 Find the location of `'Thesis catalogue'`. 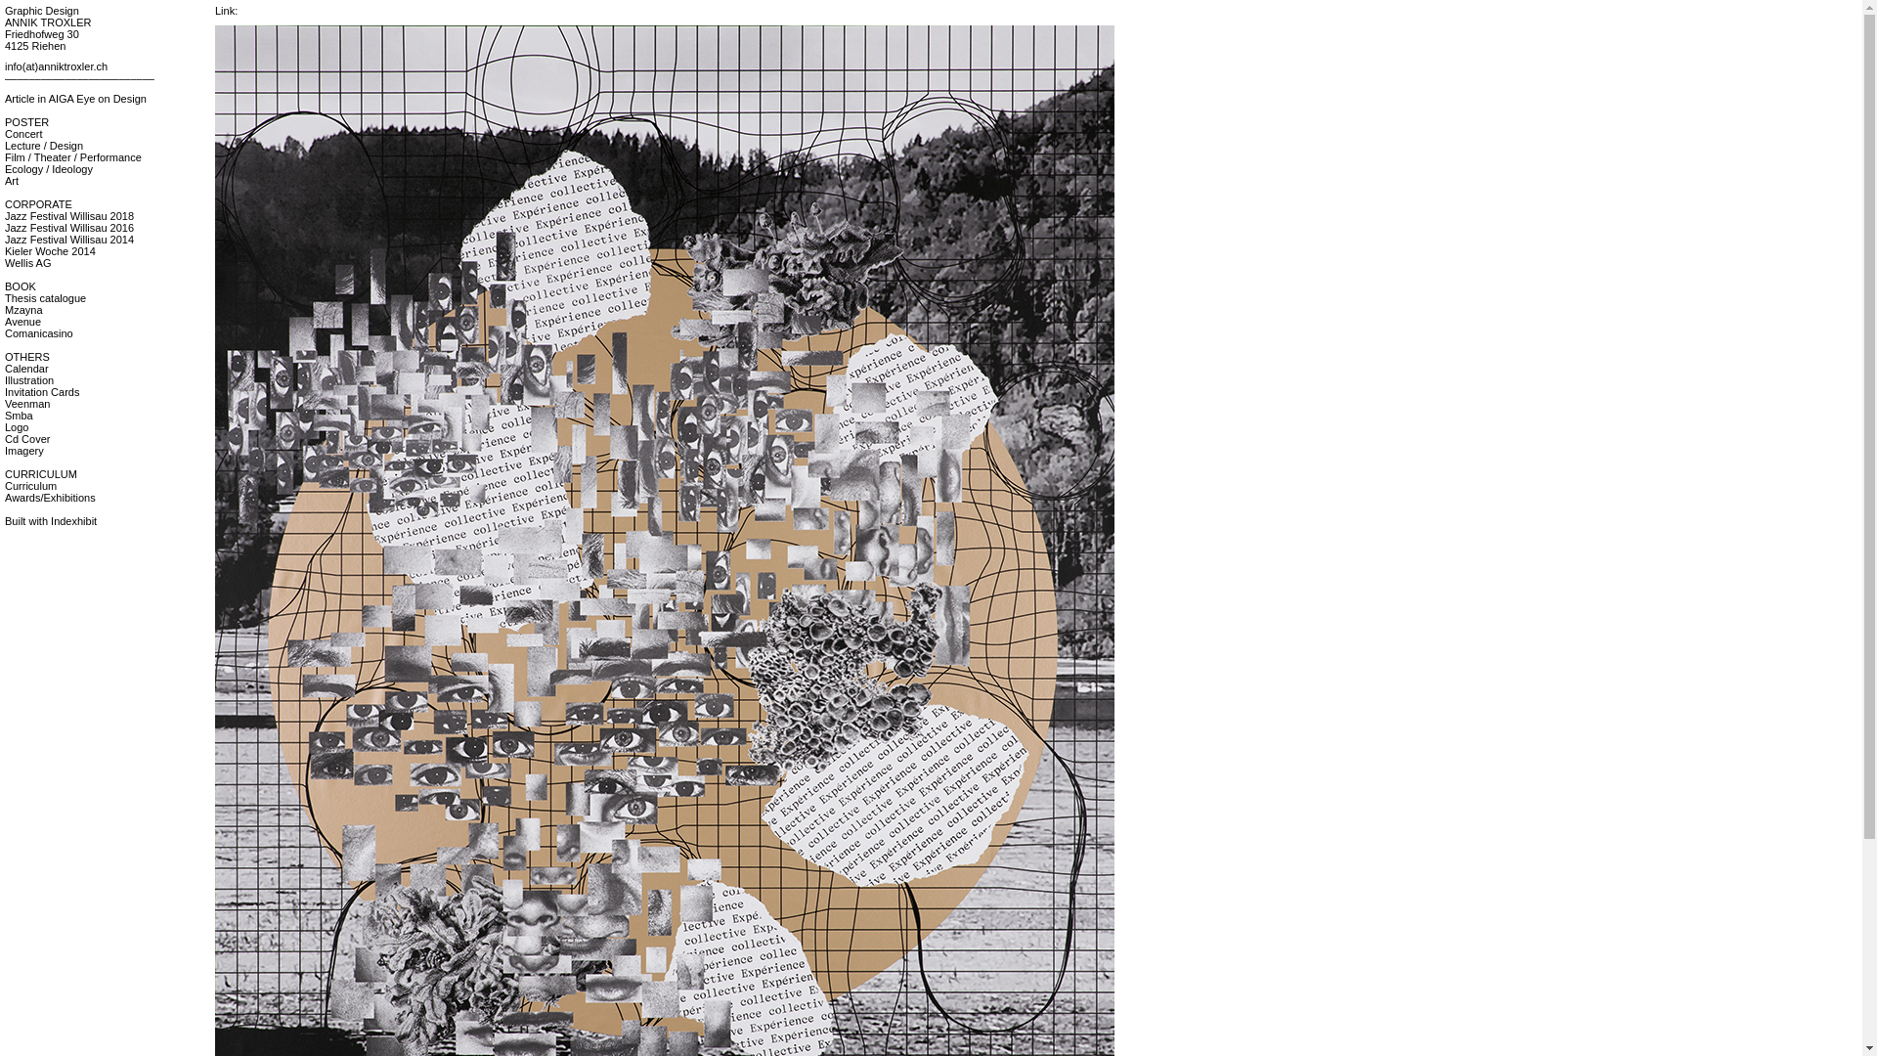

'Thesis catalogue' is located at coordinates (45, 297).